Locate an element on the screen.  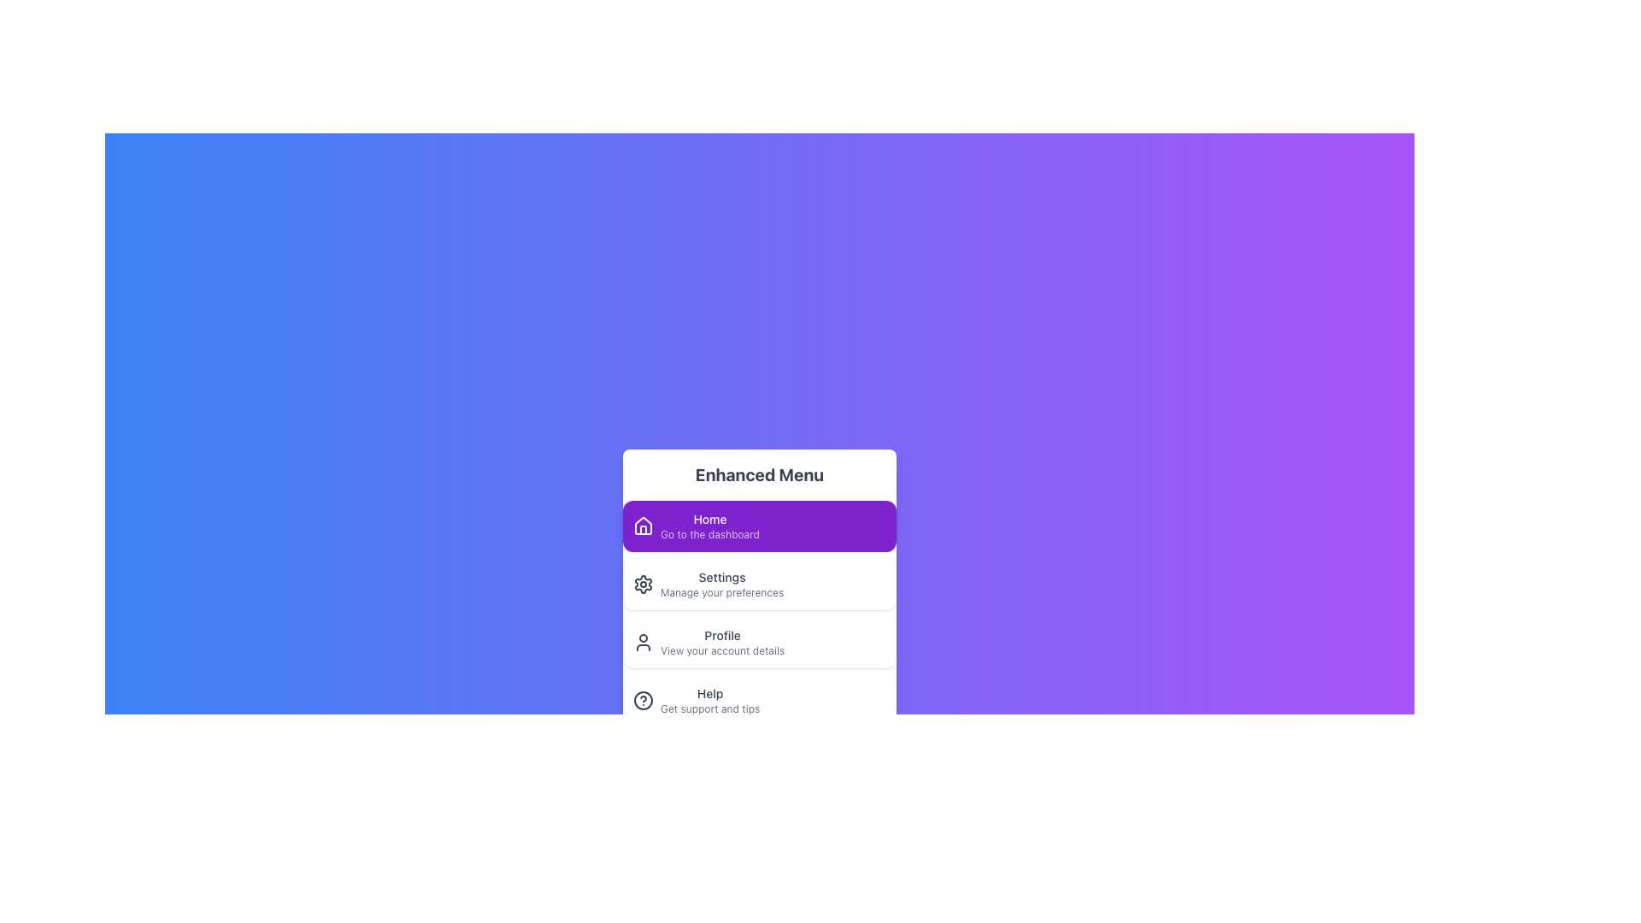
the text label that says 'View your account details', which is located beneath the bold 'Profile' text in the menu panel is located at coordinates (722, 651).